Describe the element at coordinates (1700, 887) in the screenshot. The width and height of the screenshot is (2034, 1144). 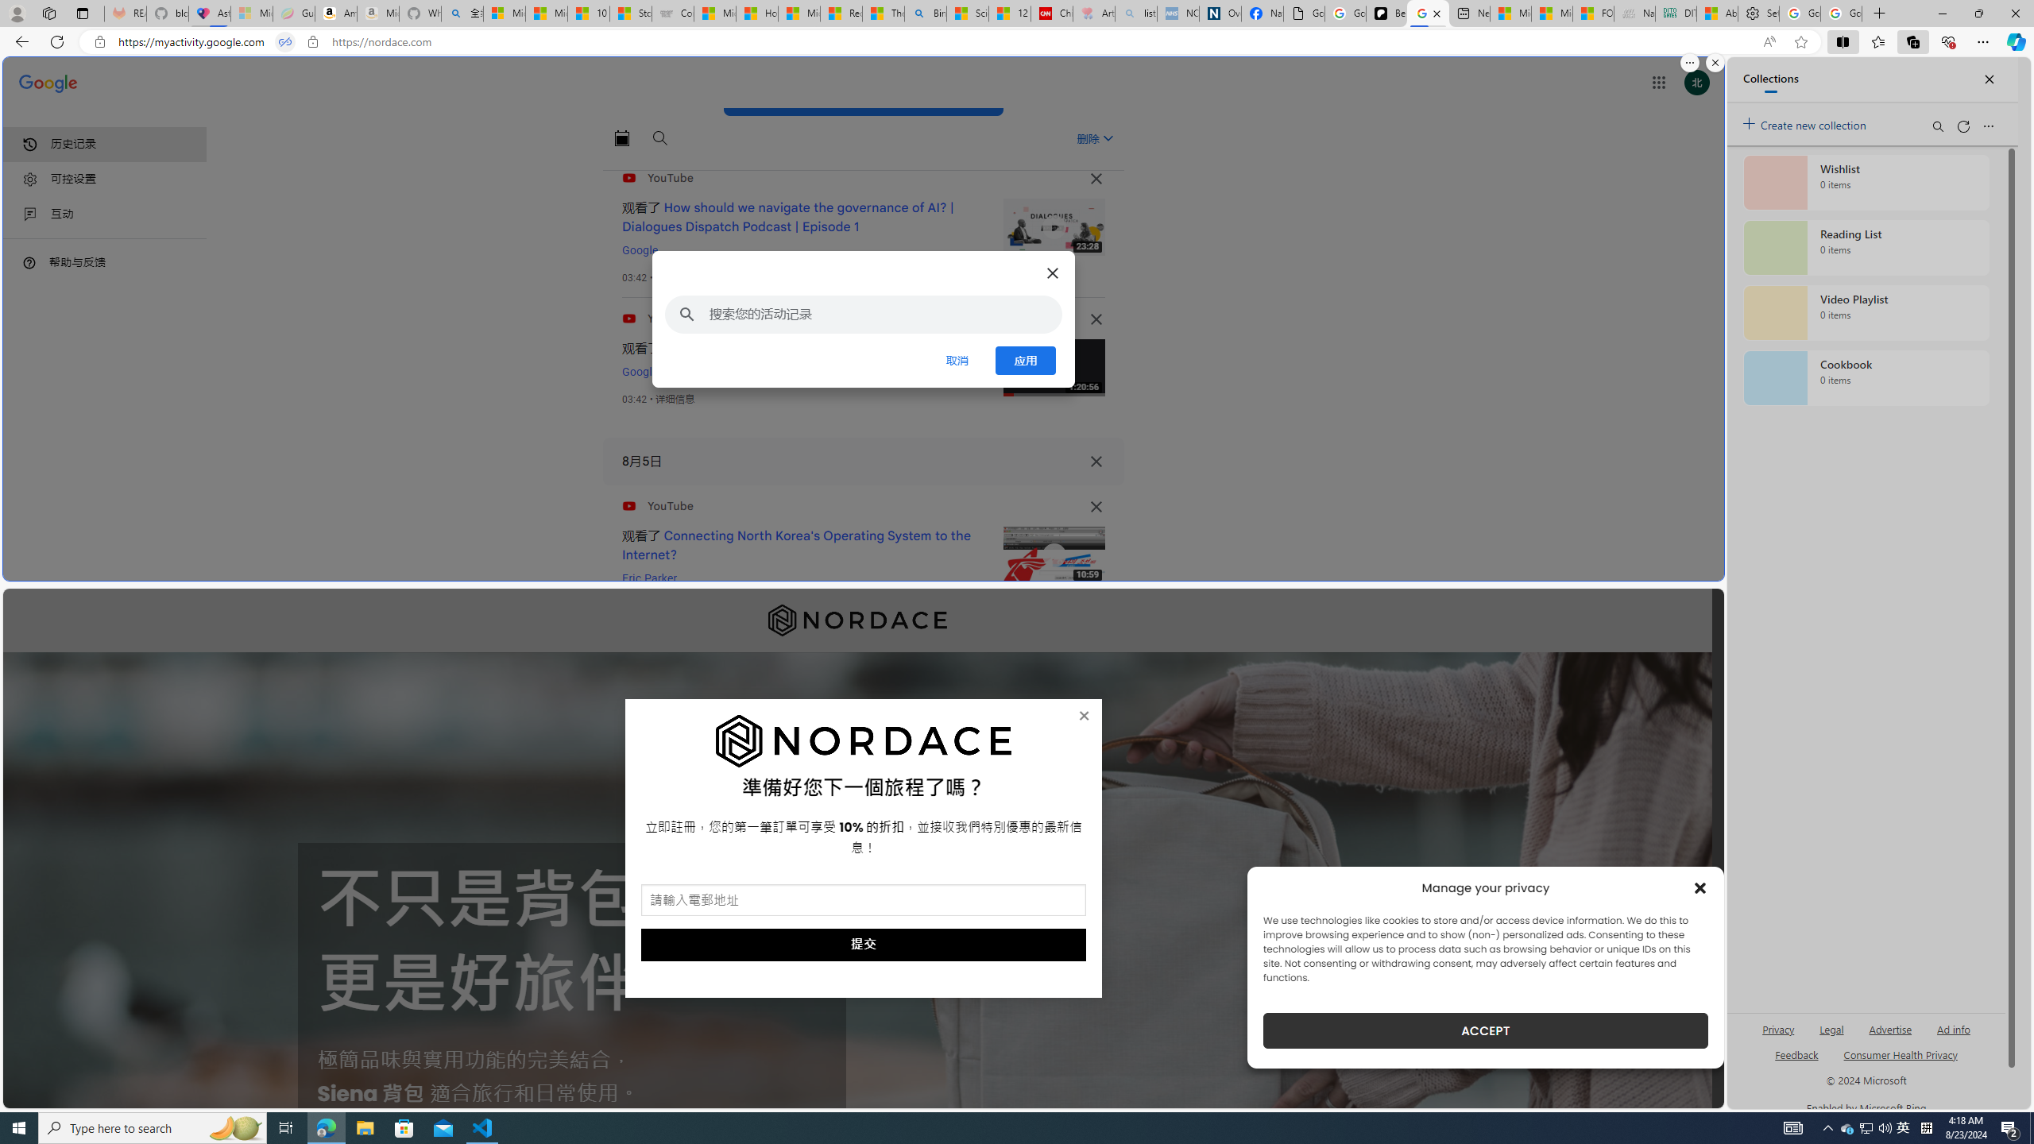
I see `'Class: cmplz-close'` at that location.